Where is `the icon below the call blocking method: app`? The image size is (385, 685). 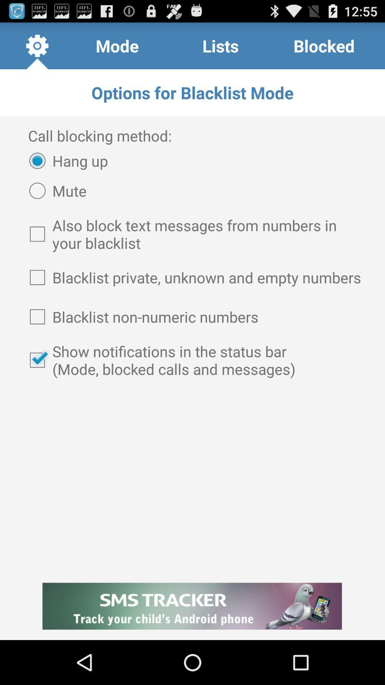 the icon below the call blocking method: app is located at coordinates (65, 160).